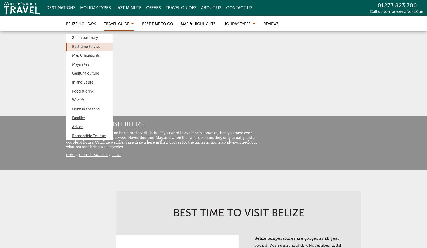  What do you see at coordinates (223, 24) in the screenshot?
I see `'Holiday Types'` at bounding box center [223, 24].